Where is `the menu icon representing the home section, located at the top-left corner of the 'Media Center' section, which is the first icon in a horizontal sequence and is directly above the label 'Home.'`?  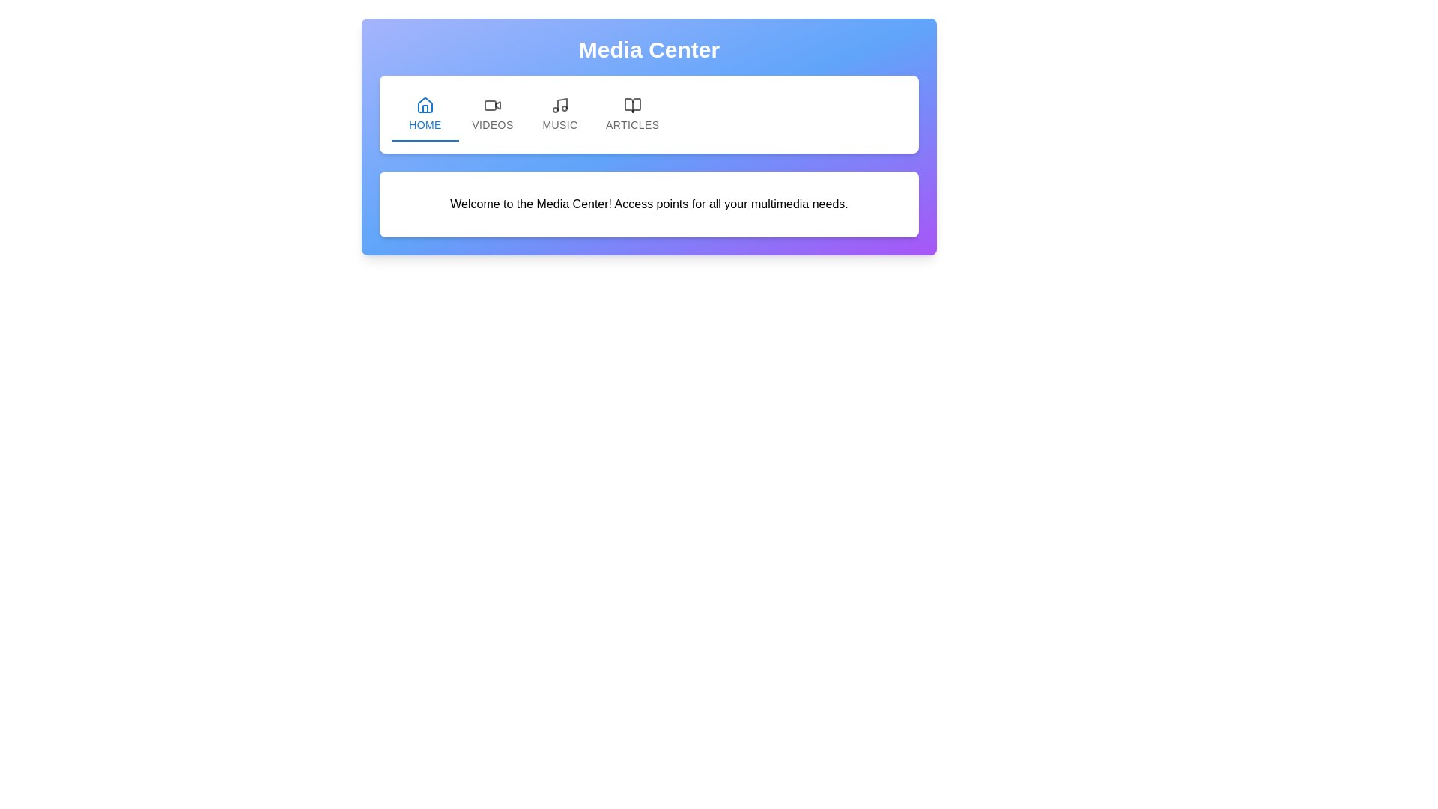 the menu icon representing the home section, located at the top-left corner of the 'Media Center' section, which is the first icon in a horizontal sequence and is directly above the label 'Home.' is located at coordinates (424, 105).